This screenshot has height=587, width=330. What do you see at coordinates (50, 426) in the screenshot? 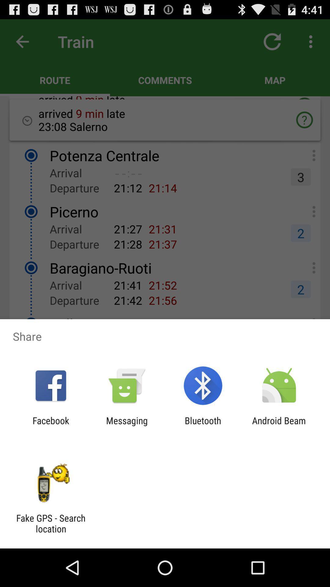
I see `item to the left of messaging app` at bounding box center [50, 426].